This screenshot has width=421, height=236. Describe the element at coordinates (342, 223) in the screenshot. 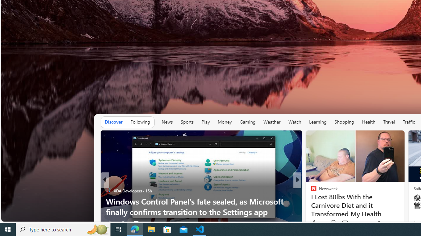

I see `'View comments 19 Comment'` at that location.